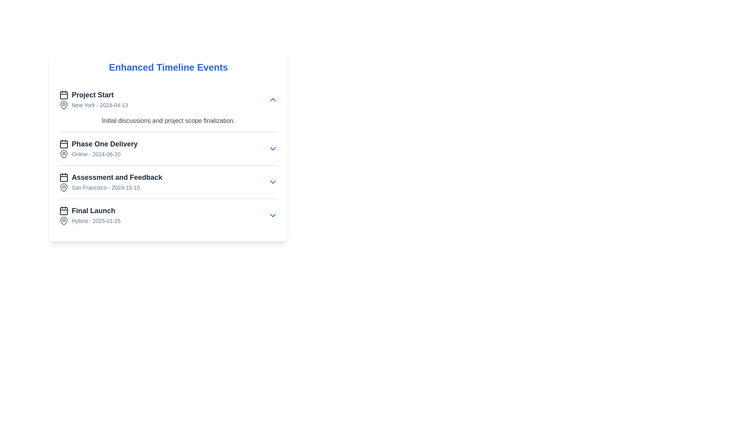  What do you see at coordinates (168, 182) in the screenshot?
I see `the third item` at bounding box center [168, 182].